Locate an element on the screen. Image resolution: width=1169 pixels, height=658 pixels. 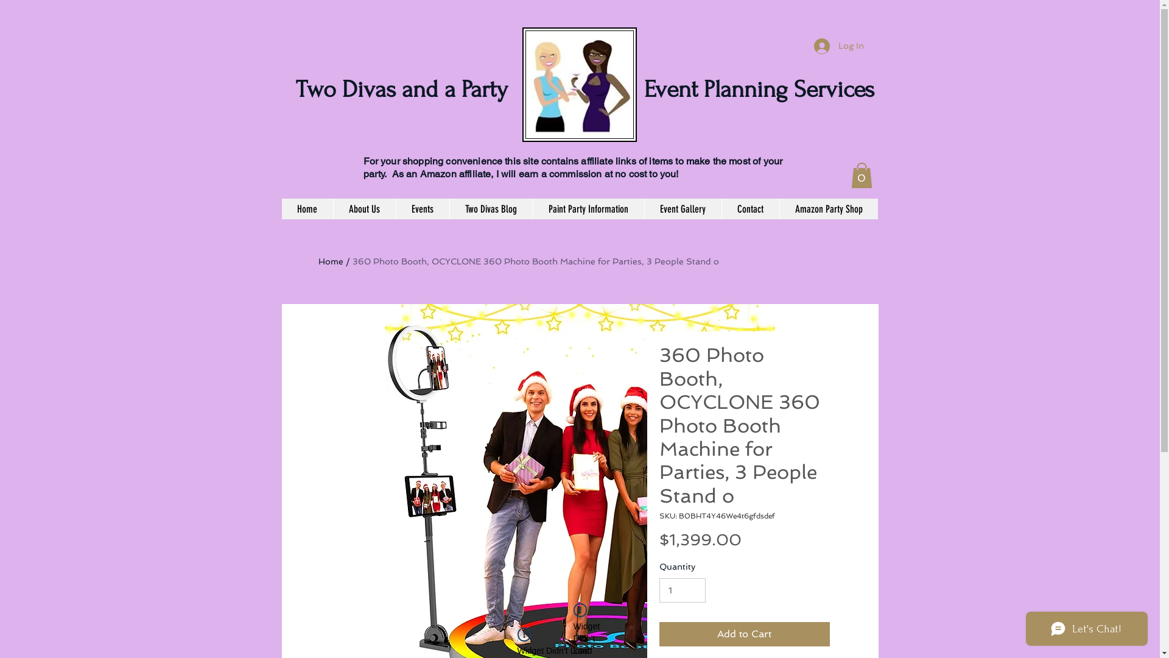
'0' is located at coordinates (861, 175).